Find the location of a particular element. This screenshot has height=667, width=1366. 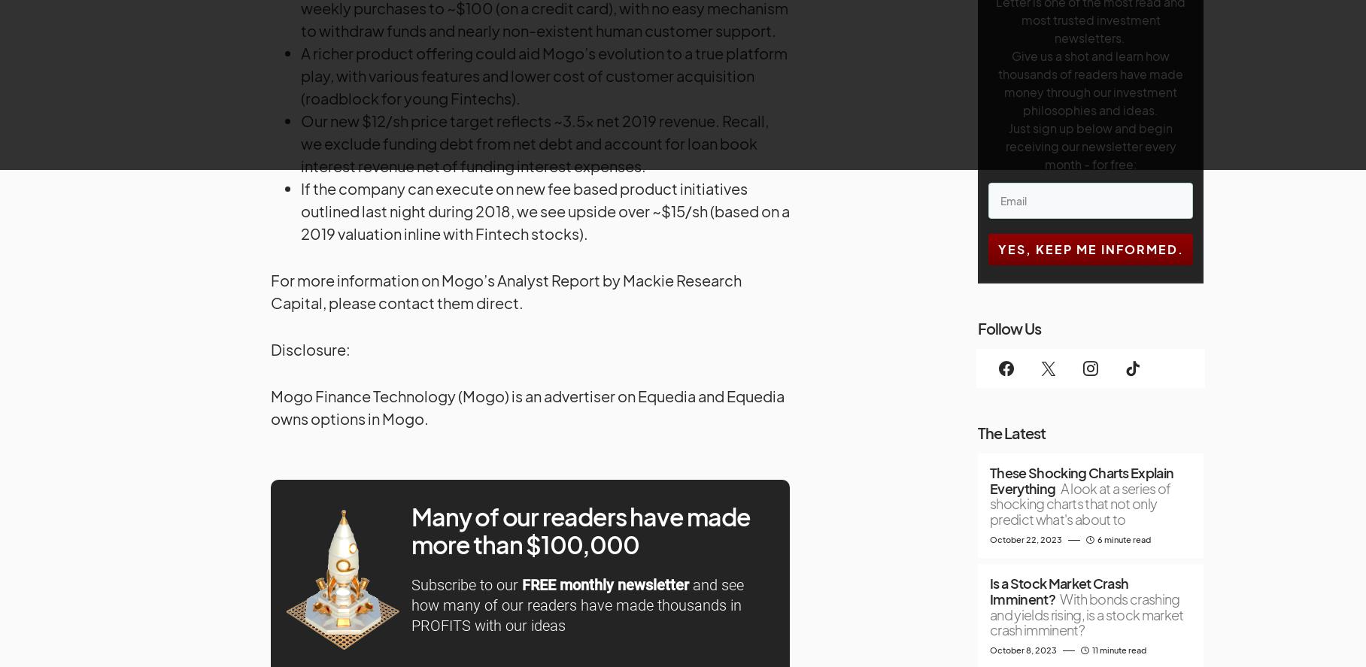

'Just sign up below and begin receiving our newsletter every month - for free:' is located at coordinates (1090, 145).